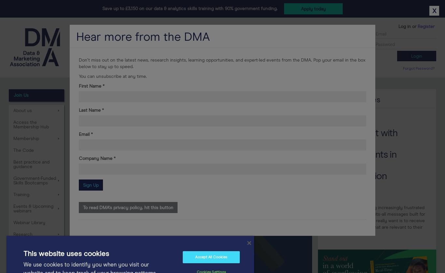  I want to click on 'Bookmarks', so click(179, 67).